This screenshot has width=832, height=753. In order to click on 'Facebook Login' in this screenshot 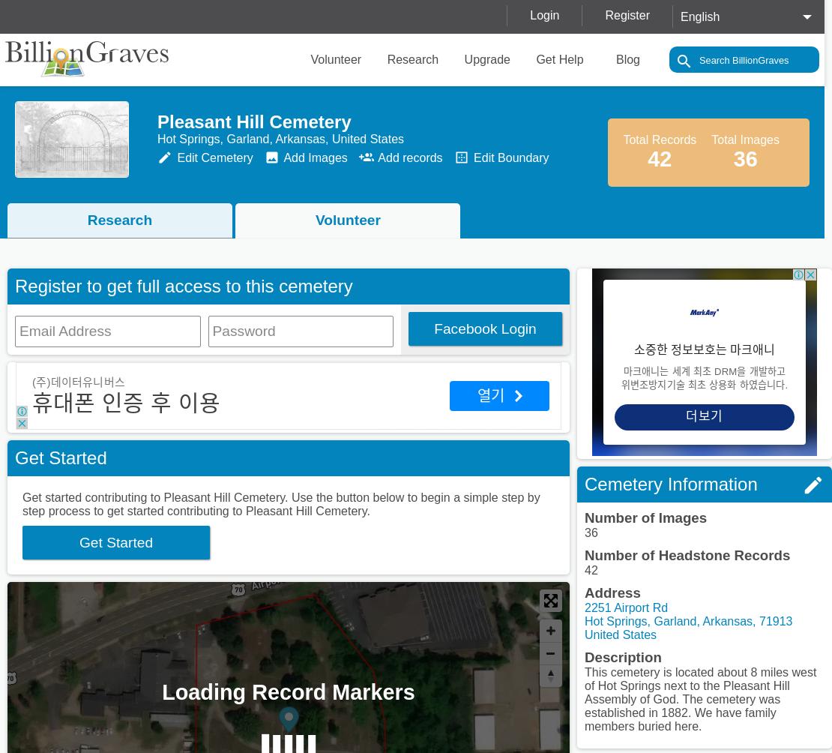, I will do `click(484, 328)`.